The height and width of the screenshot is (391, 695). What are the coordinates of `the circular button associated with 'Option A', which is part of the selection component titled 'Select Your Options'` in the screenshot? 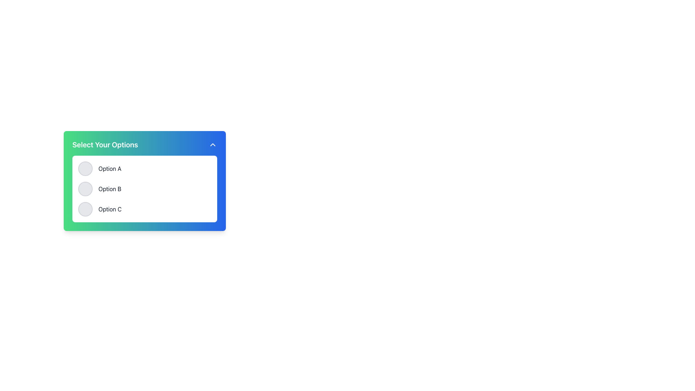 It's located at (144, 181).